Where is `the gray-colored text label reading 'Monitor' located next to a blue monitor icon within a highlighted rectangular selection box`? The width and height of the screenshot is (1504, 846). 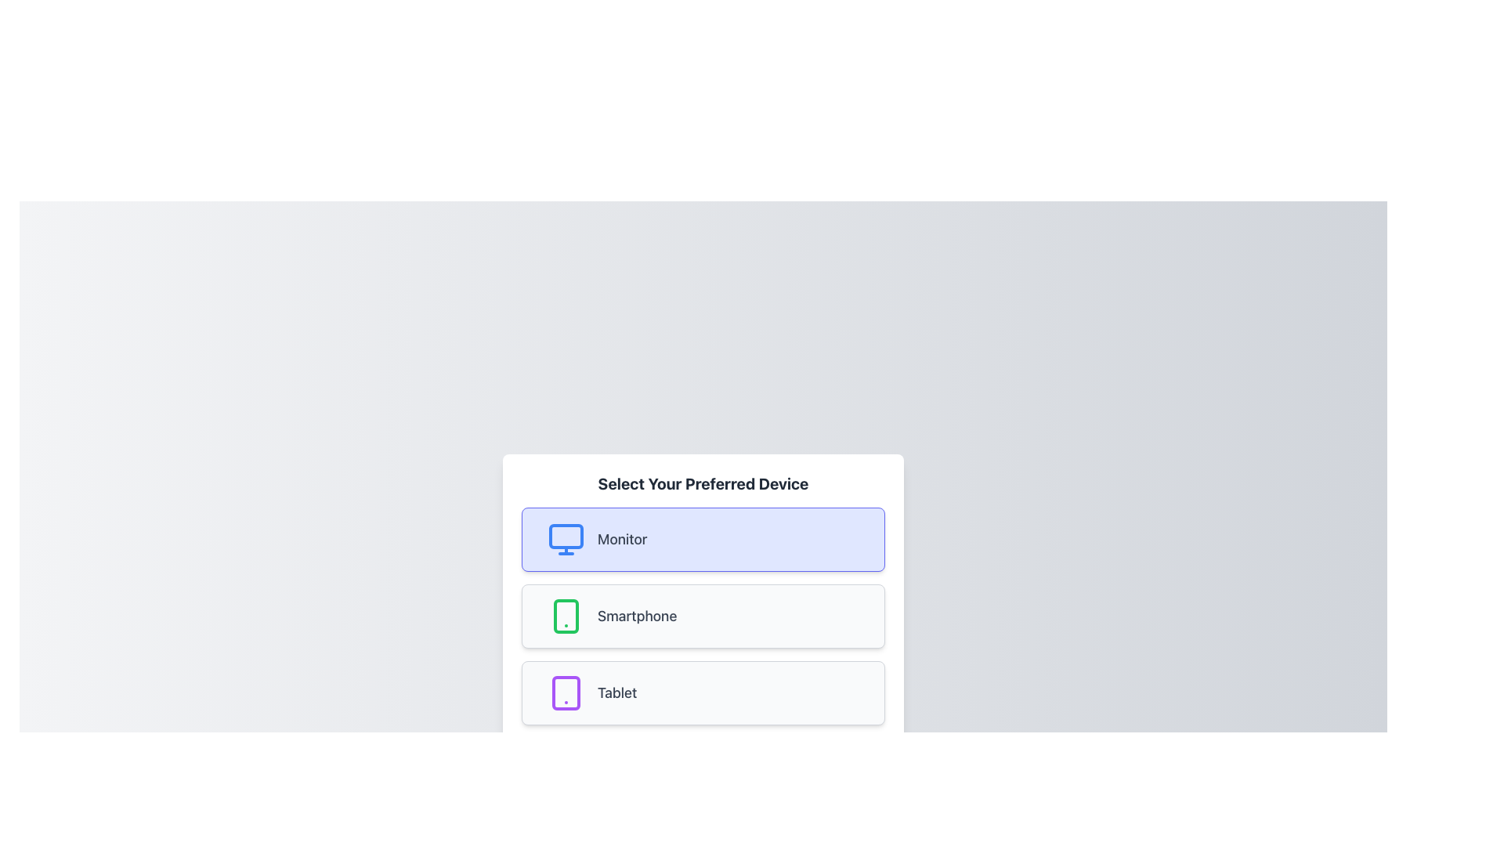
the gray-colored text label reading 'Monitor' located next to a blue monitor icon within a highlighted rectangular selection box is located at coordinates (621, 539).